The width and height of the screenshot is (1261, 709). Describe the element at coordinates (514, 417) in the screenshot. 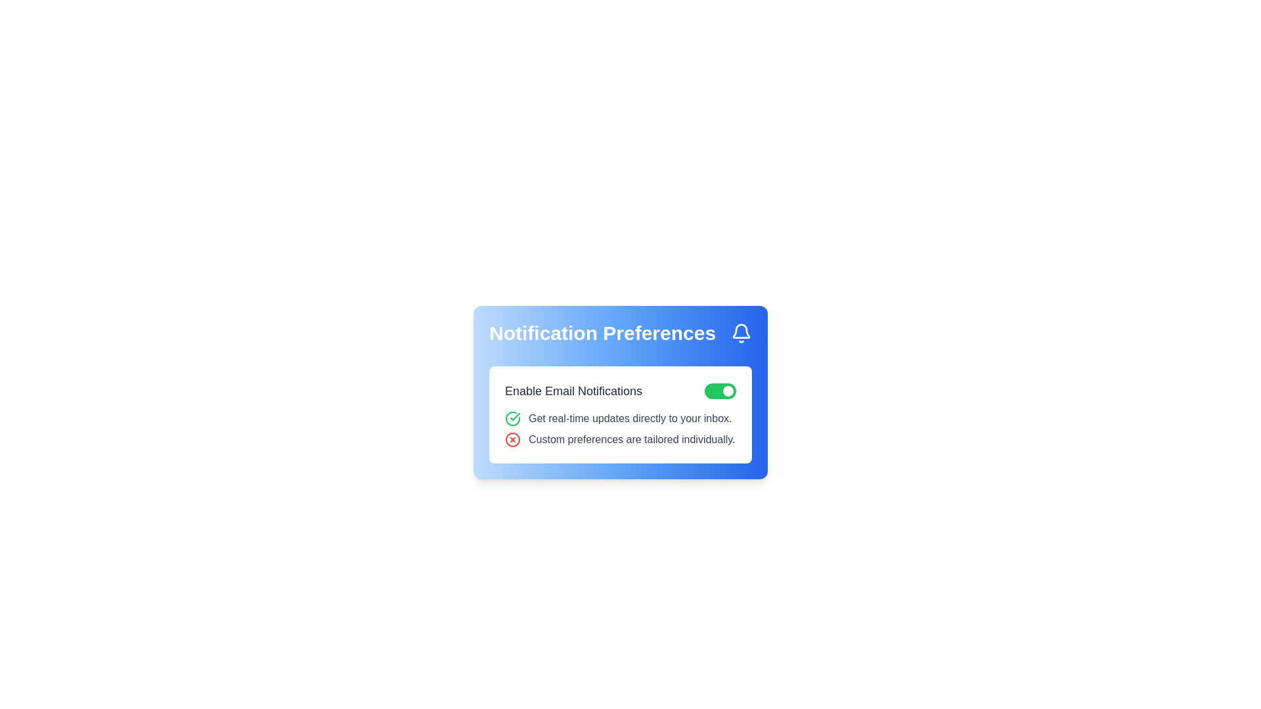

I see `the appearance of the confirmation icon located beside the text 'Get real-time updates directly to your inbox.'` at that location.